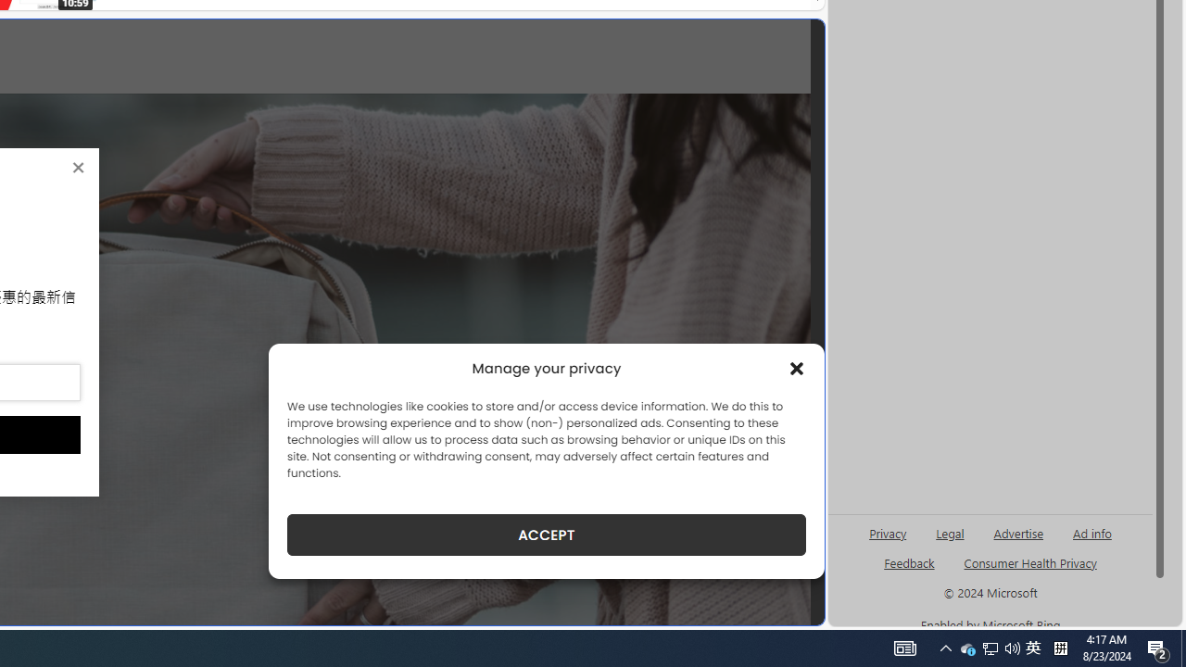 The width and height of the screenshot is (1186, 667). Describe the element at coordinates (797, 369) in the screenshot. I see `'Class: cmplz-close'` at that location.